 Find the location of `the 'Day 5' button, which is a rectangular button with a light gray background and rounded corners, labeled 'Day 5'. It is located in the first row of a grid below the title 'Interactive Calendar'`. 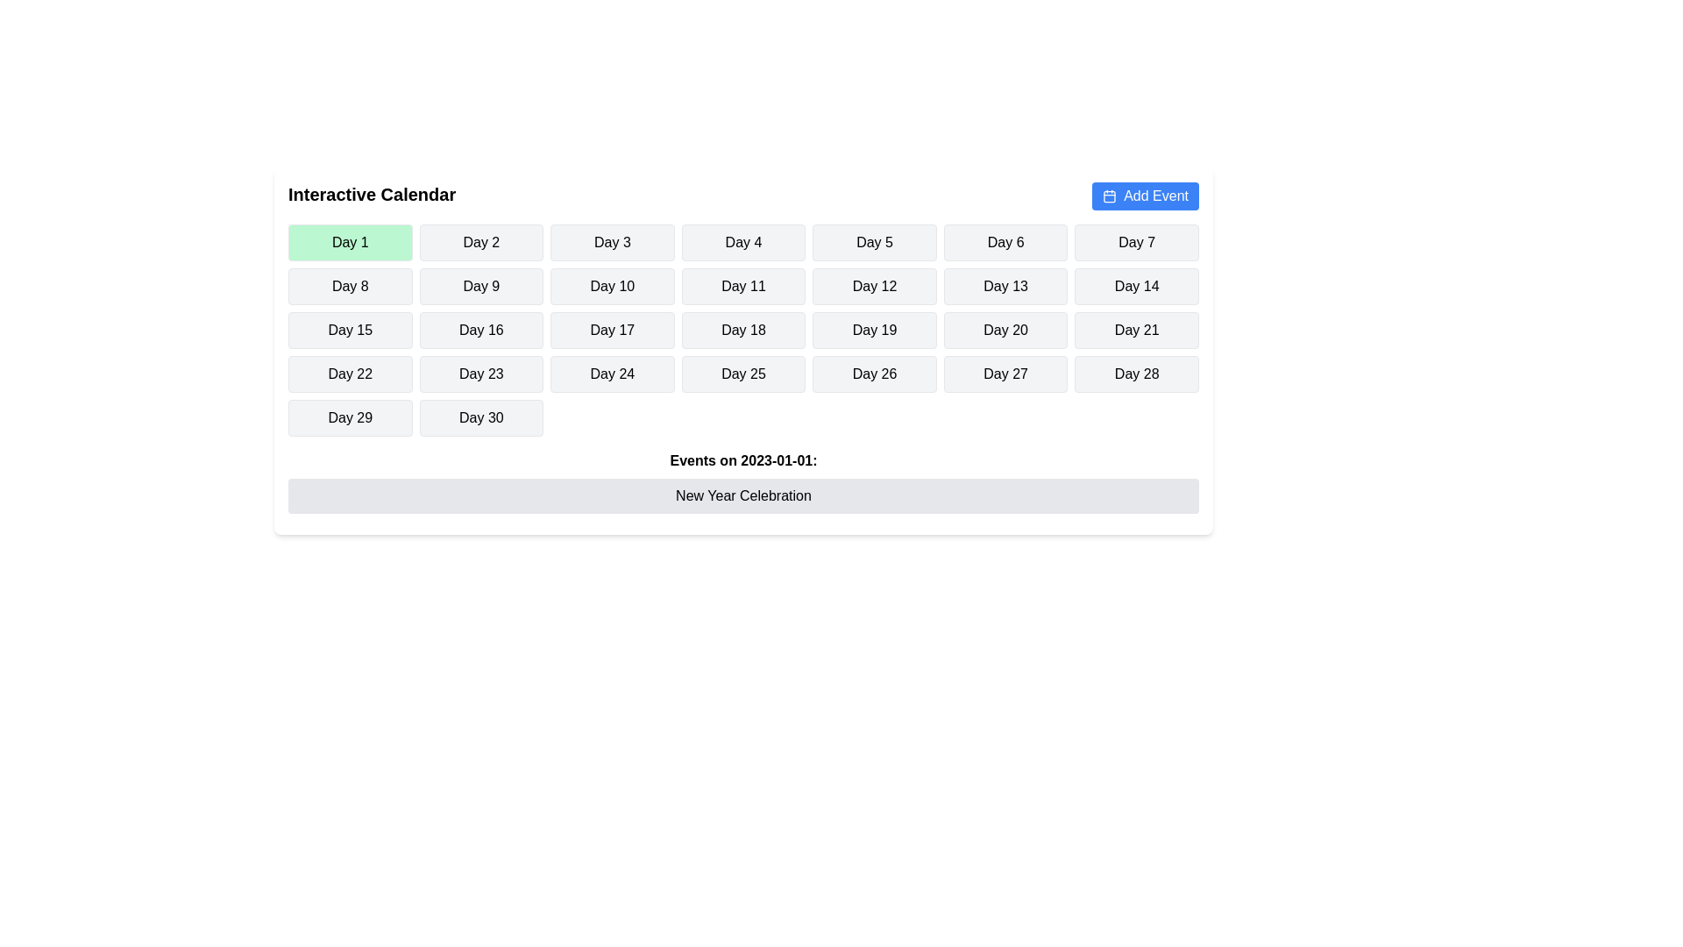

the 'Day 5' button, which is a rectangular button with a light gray background and rounded corners, labeled 'Day 5'. It is located in the first row of a grid below the title 'Interactive Calendar' is located at coordinates (875, 243).